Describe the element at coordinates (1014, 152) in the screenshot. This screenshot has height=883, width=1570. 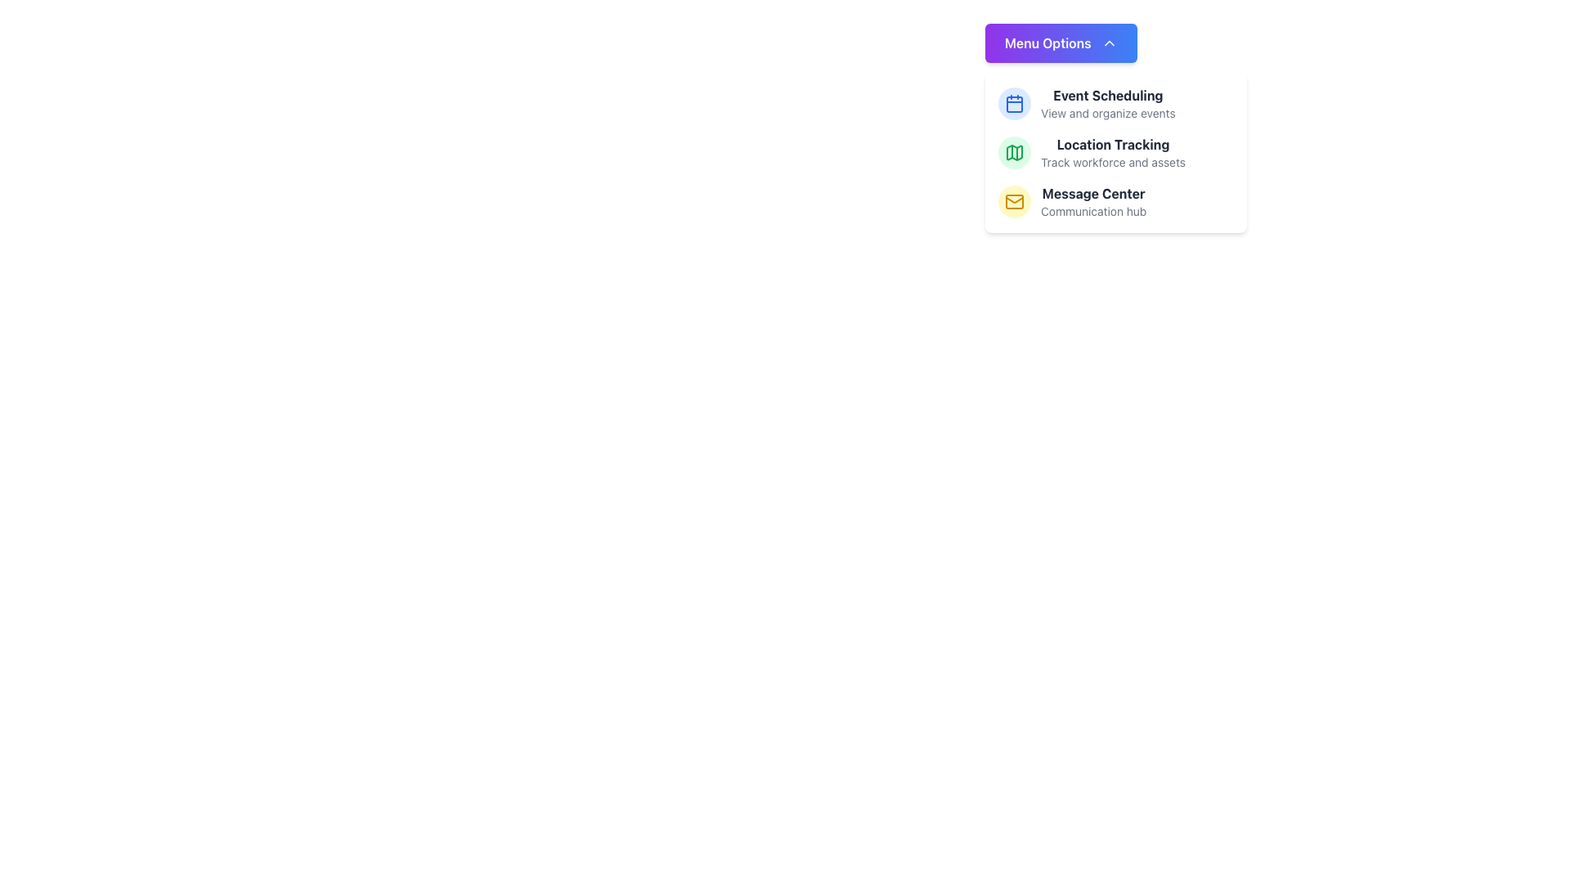
I see `the green map icon in the dropdown menu` at that location.